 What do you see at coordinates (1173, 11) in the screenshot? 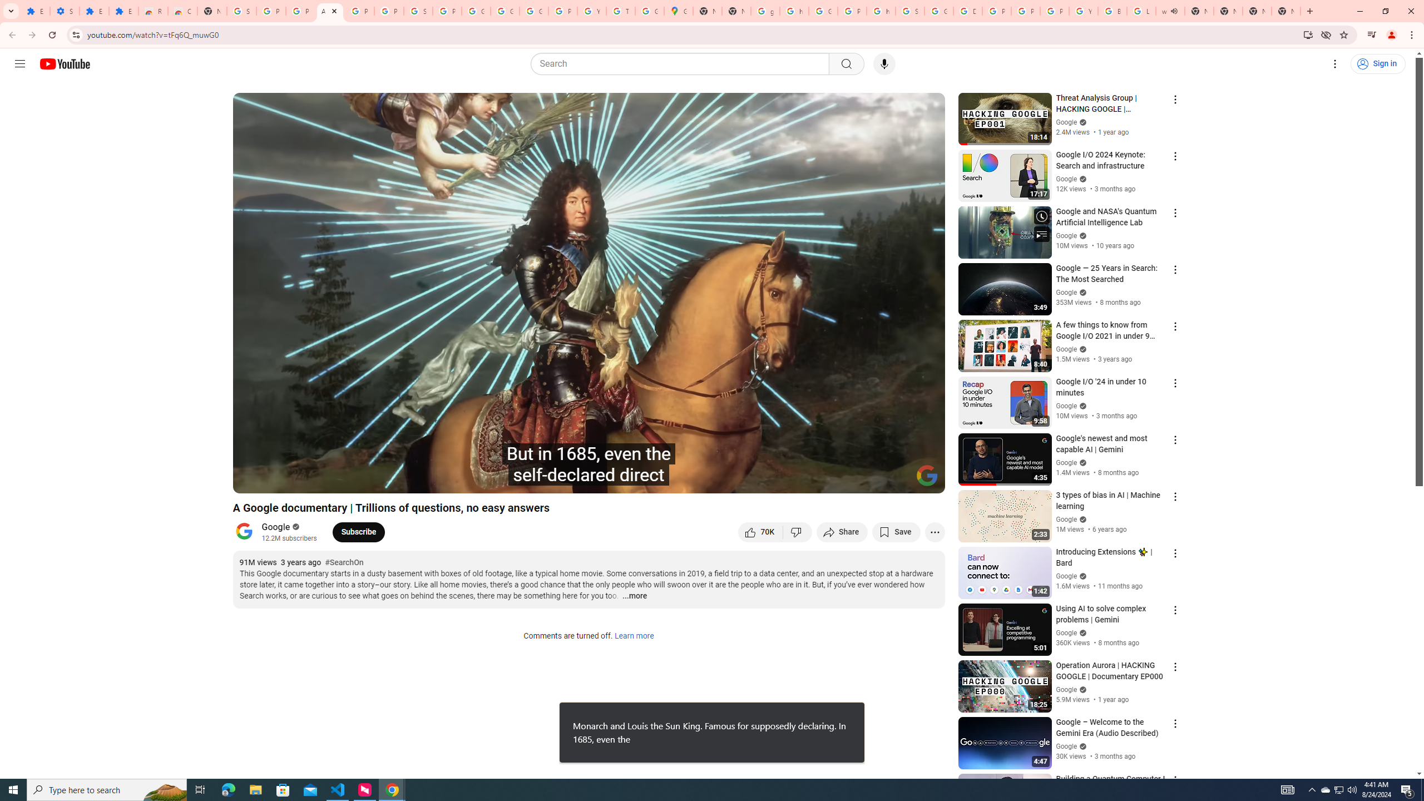
I see `'Mute tab'` at bounding box center [1173, 11].